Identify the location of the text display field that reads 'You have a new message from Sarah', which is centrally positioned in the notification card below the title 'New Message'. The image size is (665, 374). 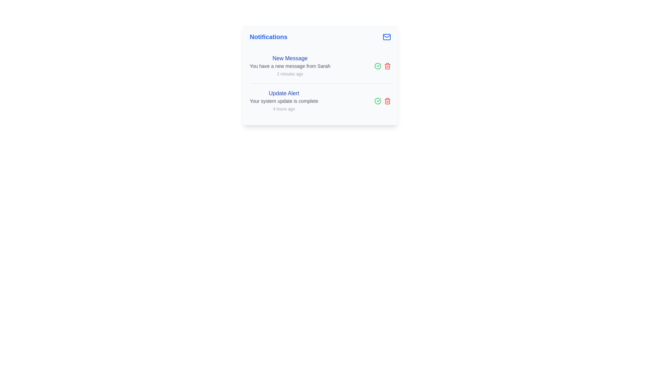
(290, 66).